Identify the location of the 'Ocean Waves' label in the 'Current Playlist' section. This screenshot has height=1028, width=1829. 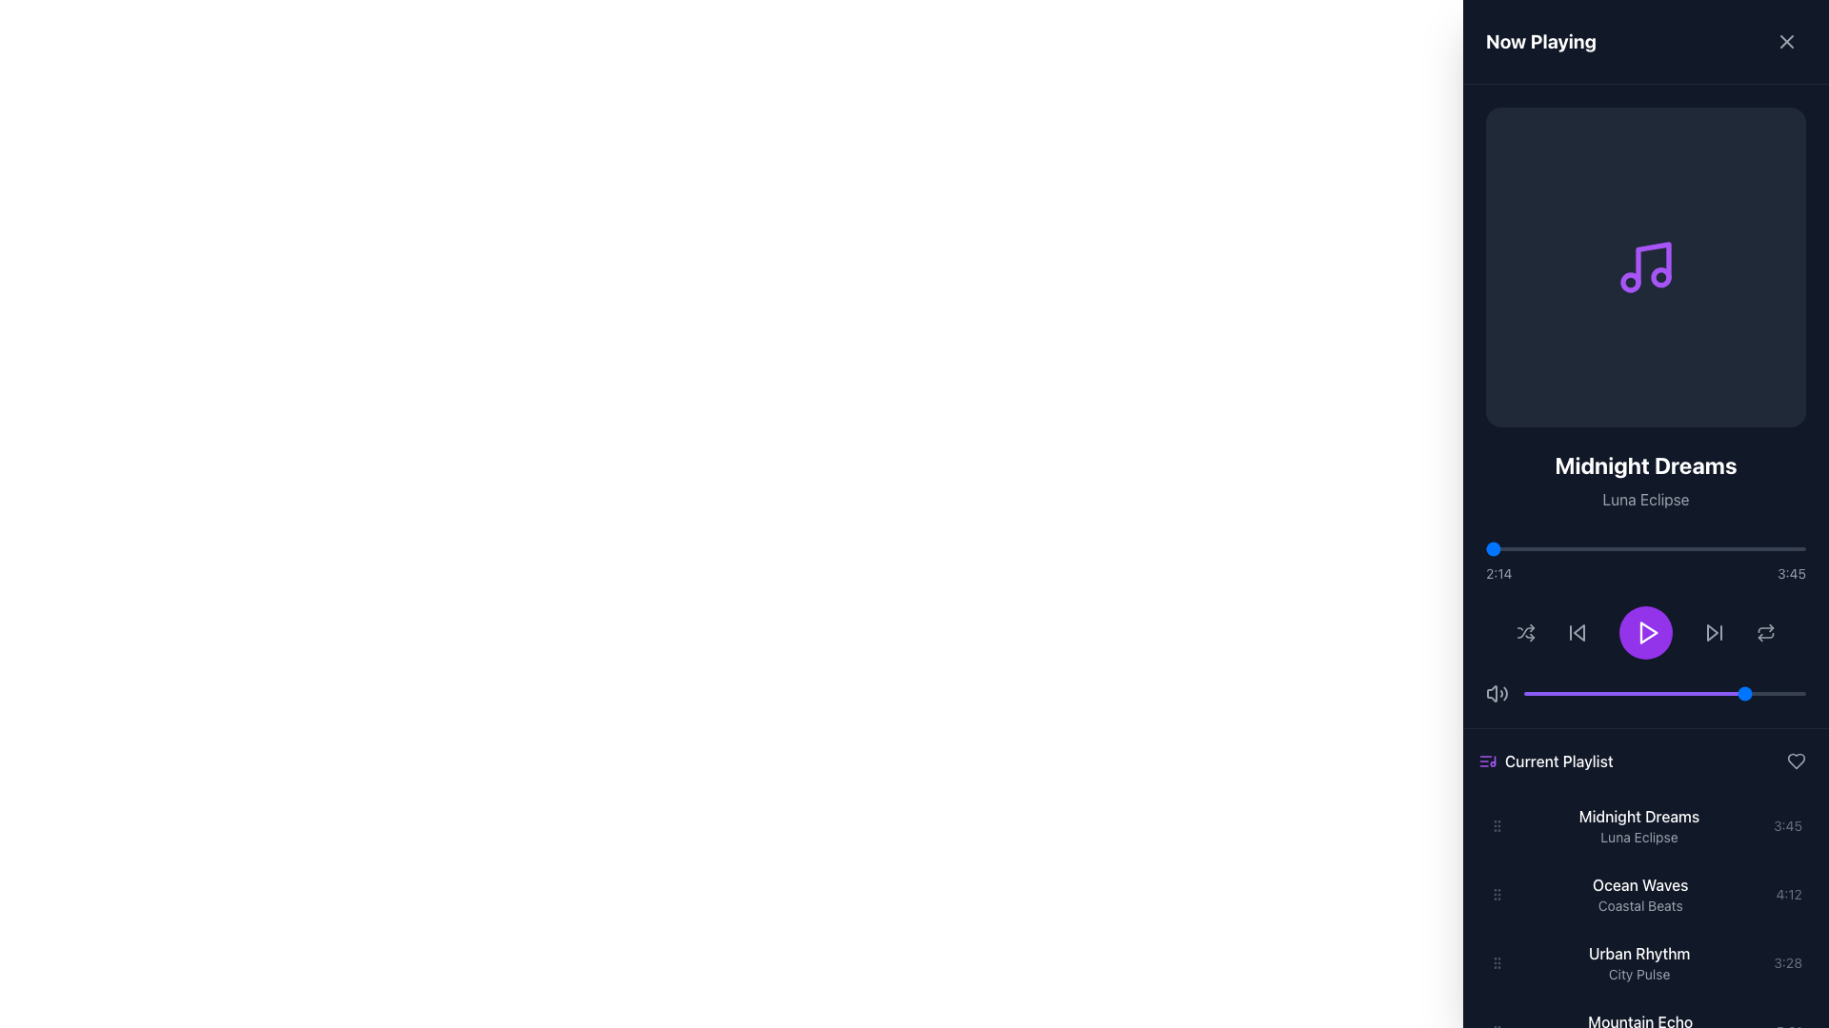
(1639, 895).